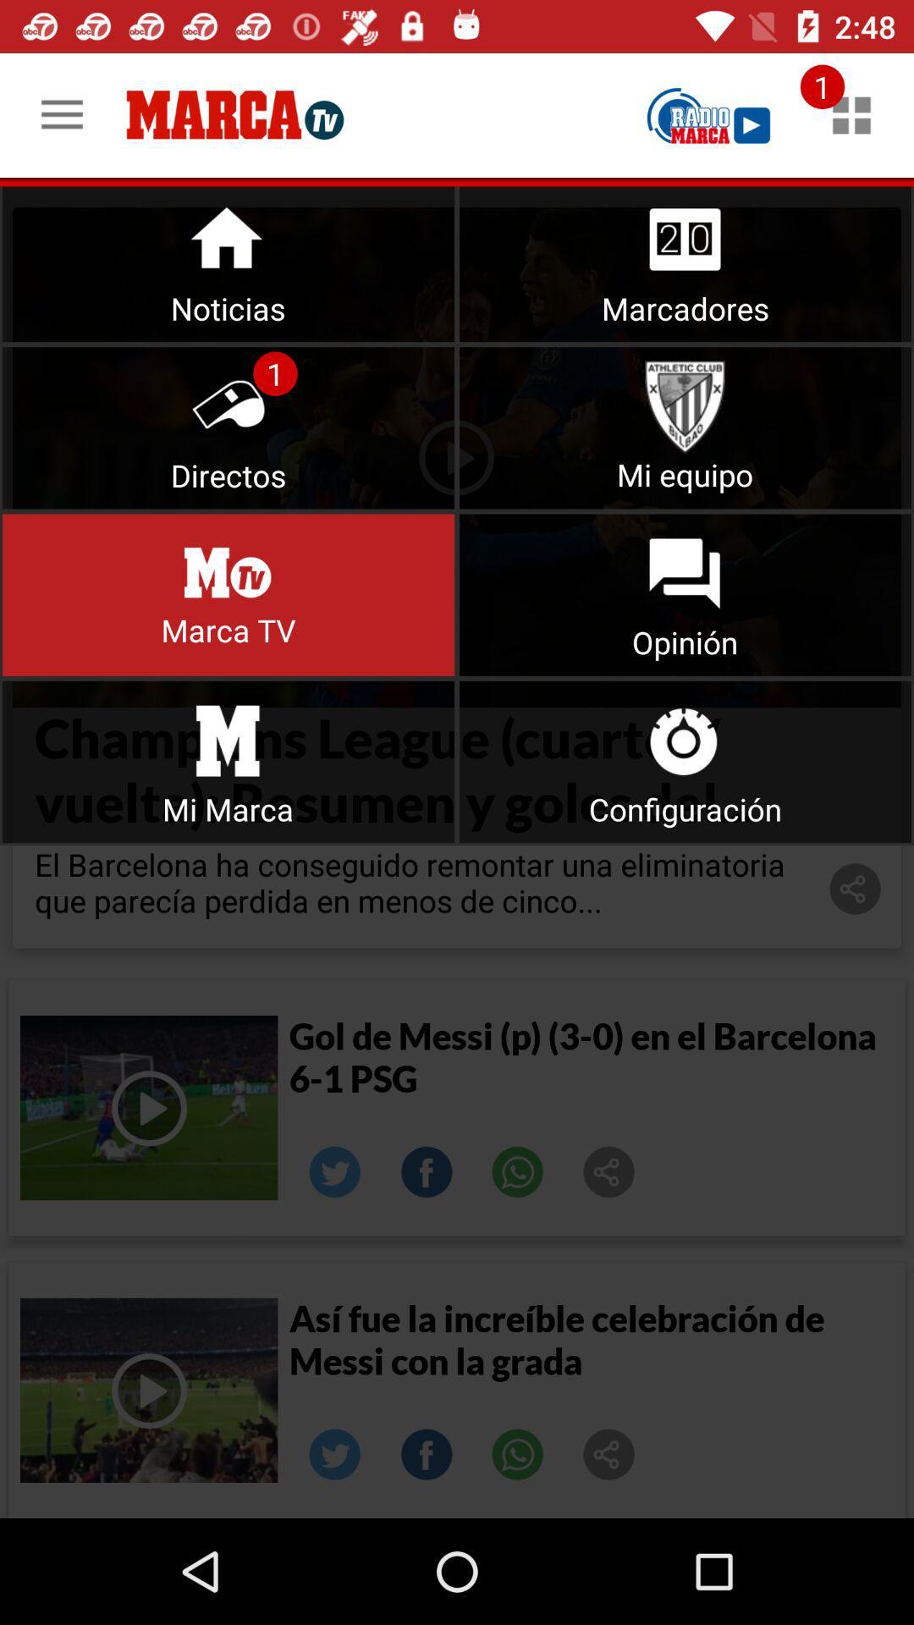  Describe the element at coordinates (685, 761) in the screenshot. I see `icon above the el barcelona ha icon` at that location.